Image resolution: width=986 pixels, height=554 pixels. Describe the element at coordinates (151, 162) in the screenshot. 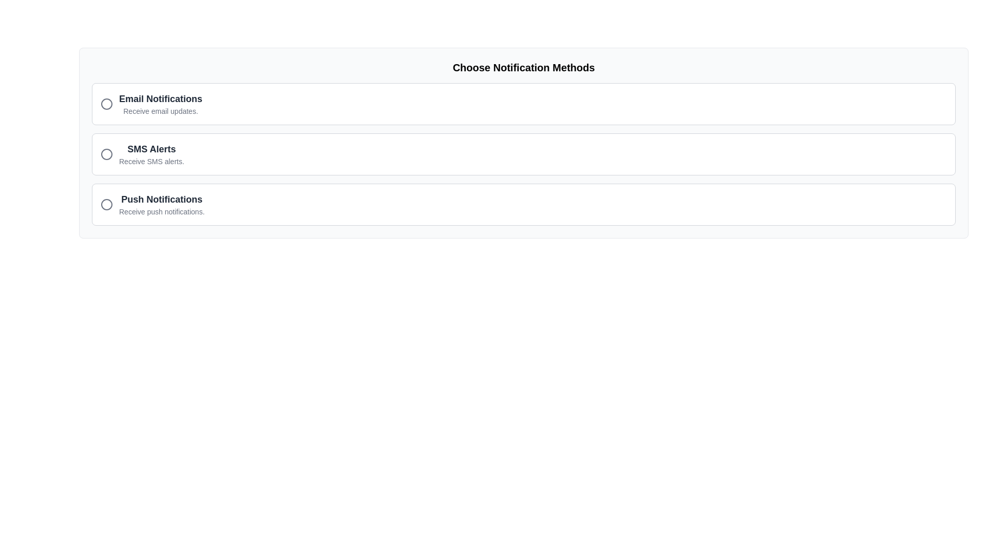

I see `the descriptive label providing additional information about the 'SMS Alerts' notification option, which is located directly below the title 'SMS Alerts' in the options panel` at that location.